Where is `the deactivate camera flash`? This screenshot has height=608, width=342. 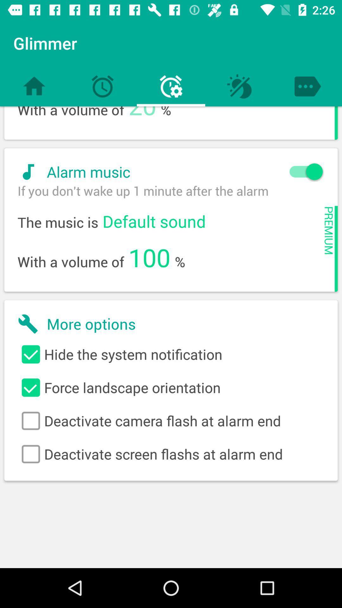
the deactivate camera flash is located at coordinates (171, 421).